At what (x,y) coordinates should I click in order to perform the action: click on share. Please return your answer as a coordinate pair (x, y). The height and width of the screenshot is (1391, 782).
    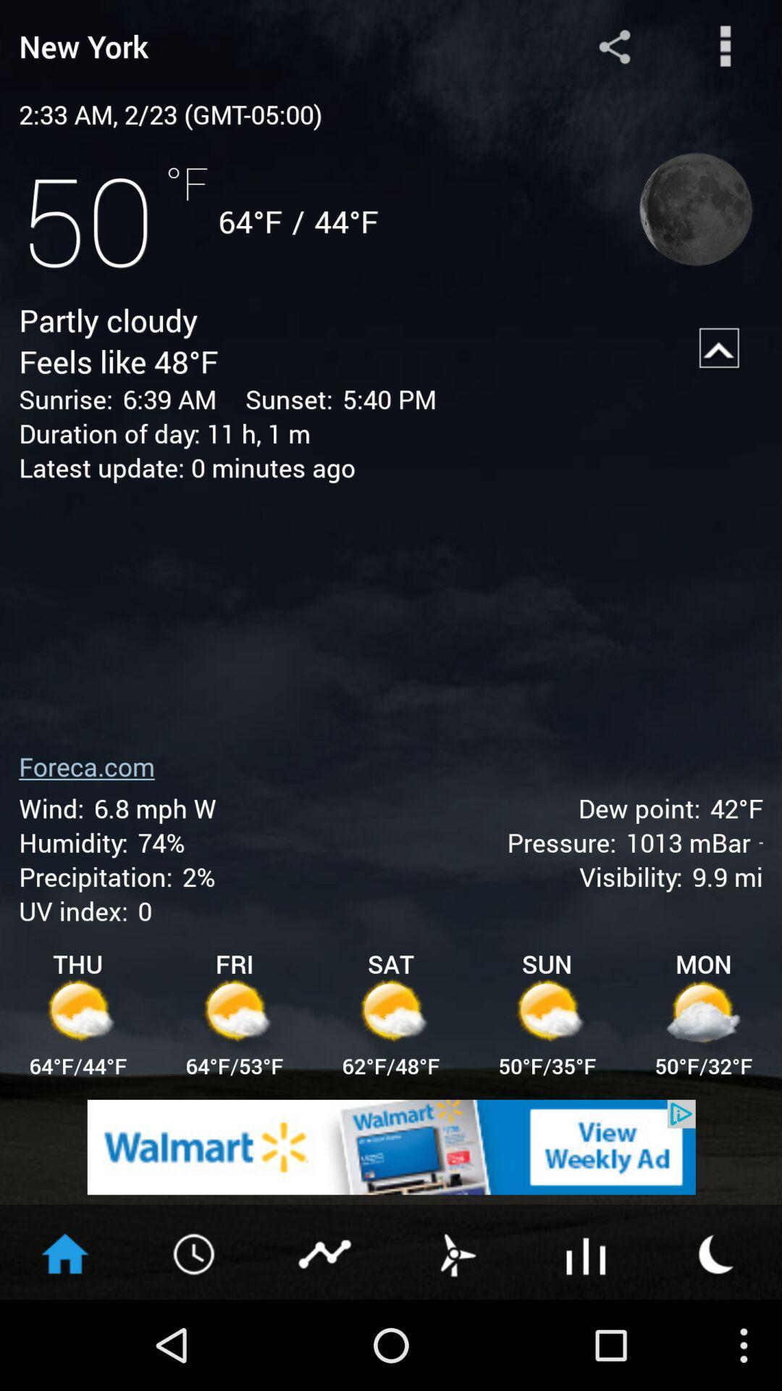
    Looking at the image, I should click on (614, 46).